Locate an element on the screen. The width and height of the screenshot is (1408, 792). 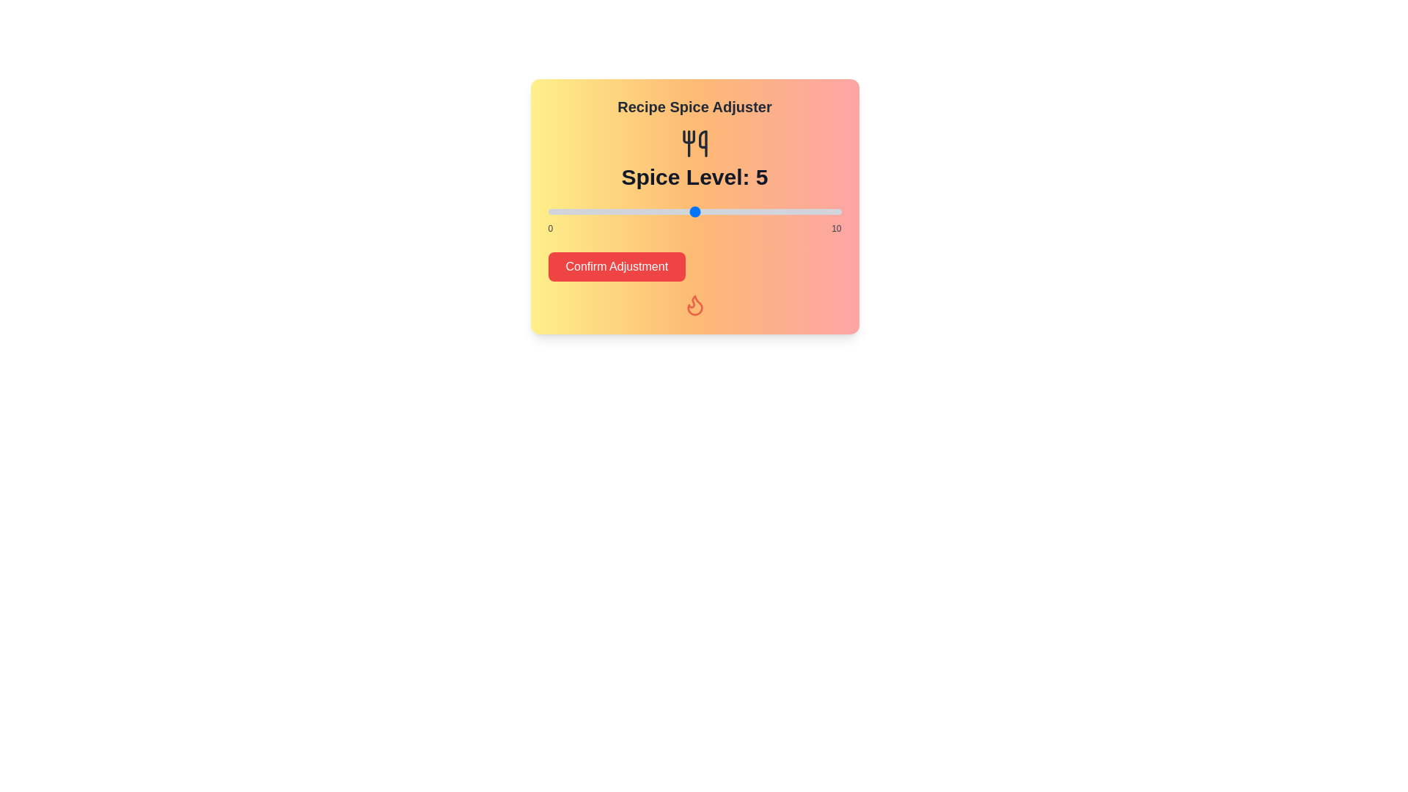
the 'Confirm Adjustment' button is located at coordinates (617, 266).